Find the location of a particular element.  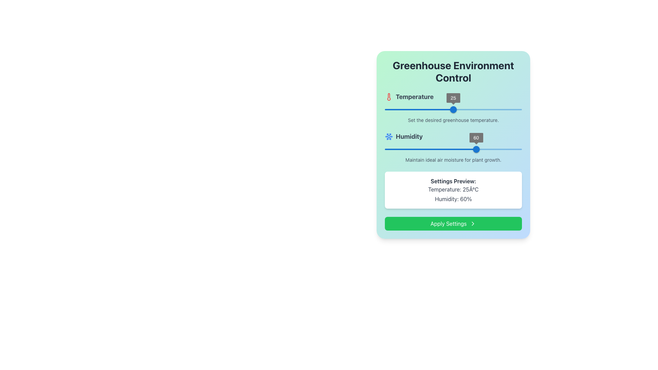

the red vertical bar thermometer segment located next to the 'Temperature' slider label in the top left section of the interface is located at coordinates (389, 97).